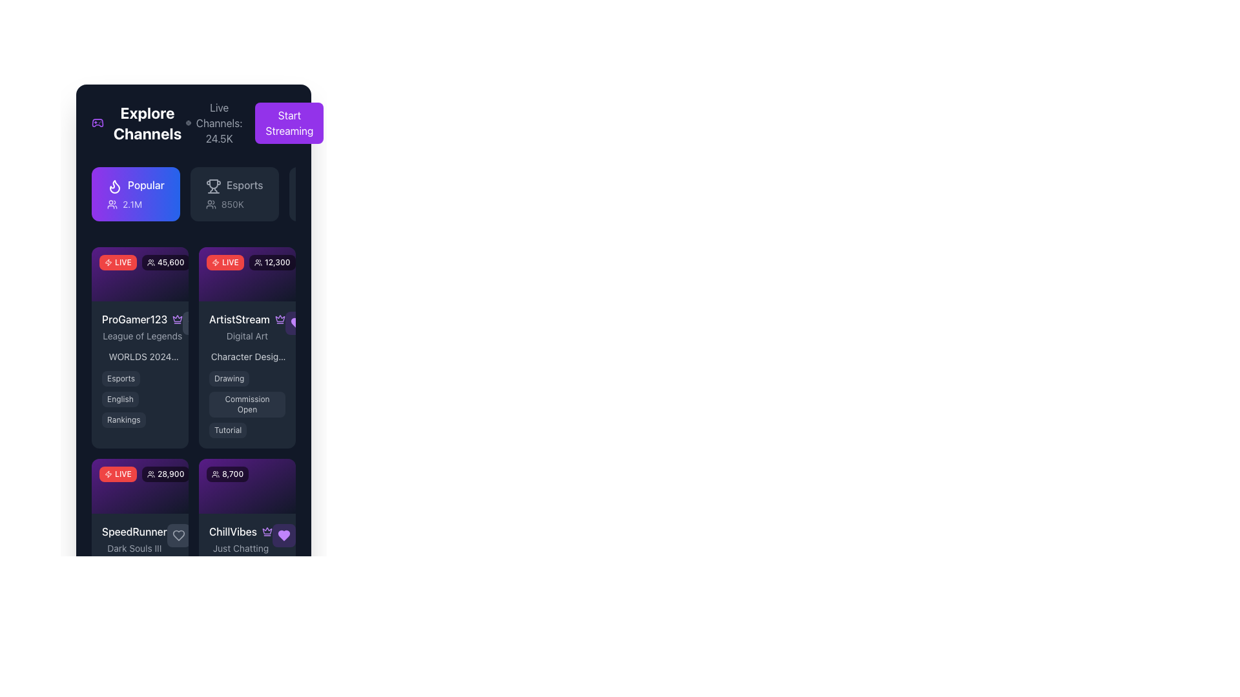 This screenshot has width=1240, height=697. I want to click on the purple crown icon located next to the channel name 'ArtistStream', which serves as a visual indicator of status, so click(177, 318).